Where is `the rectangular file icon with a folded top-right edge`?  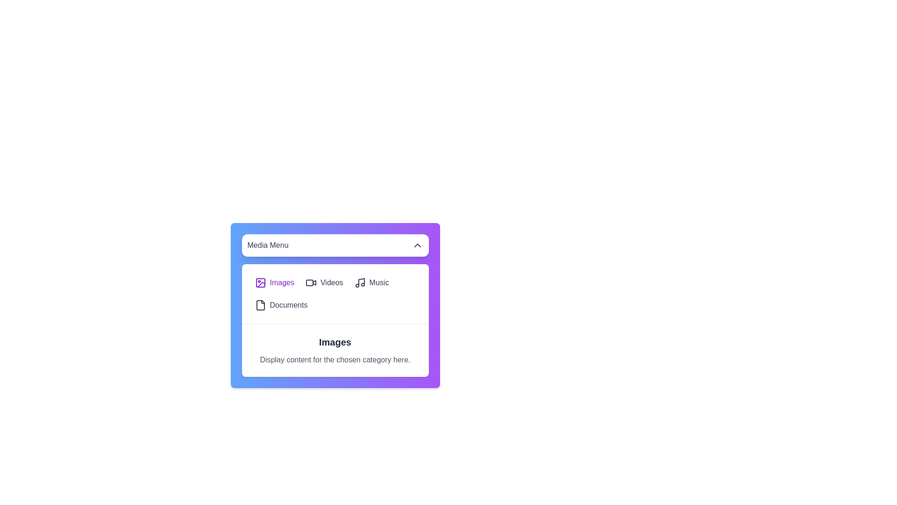
the rectangular file icon with a folded top-right edge is located at coordinates (260, 305).